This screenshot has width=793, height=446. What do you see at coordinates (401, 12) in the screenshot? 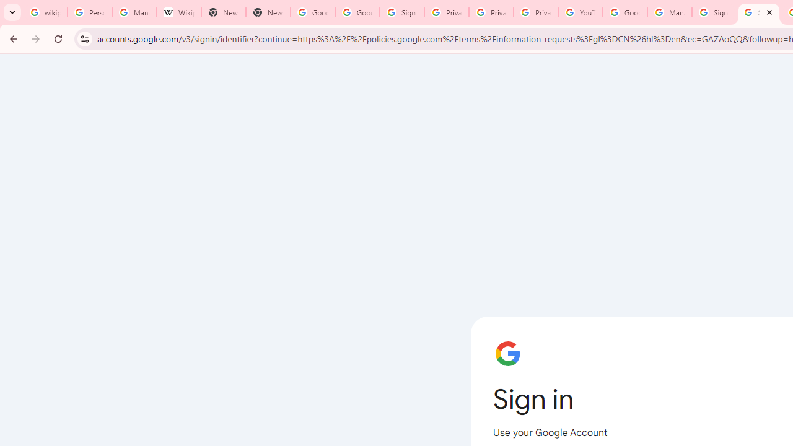
I see `'Sign in - Google Accounts'` at bounding box center [401, 12].